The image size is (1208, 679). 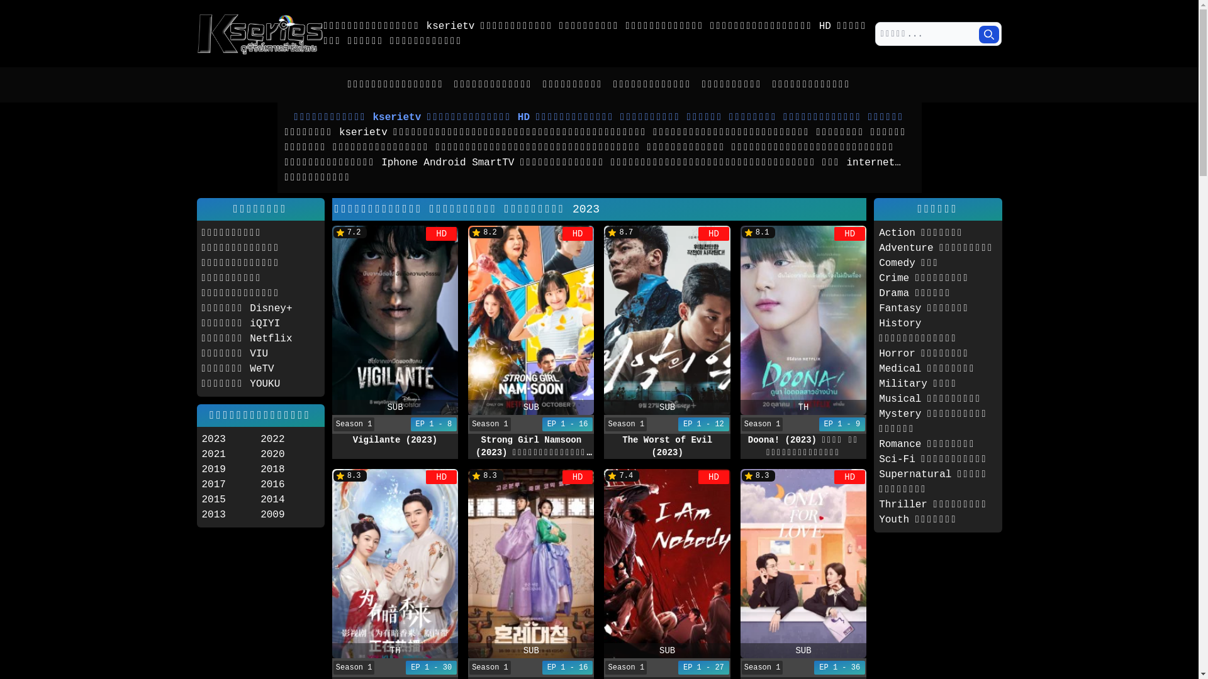 What do you see at coordinates (201, 454) in the screenshot?
I see `'2021'` at bounding box center [201, 454].